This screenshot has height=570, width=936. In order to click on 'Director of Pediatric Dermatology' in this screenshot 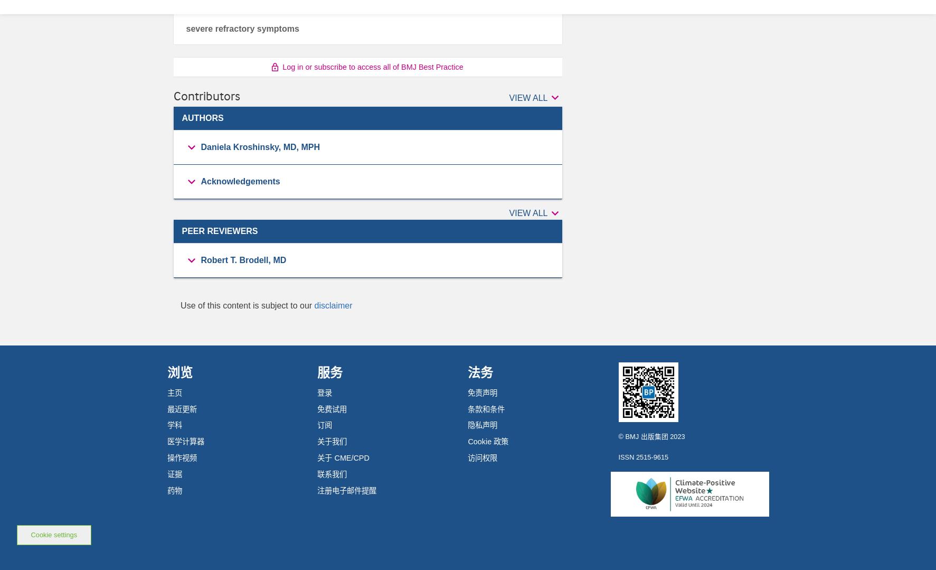, I will do `click(263, 311)`.